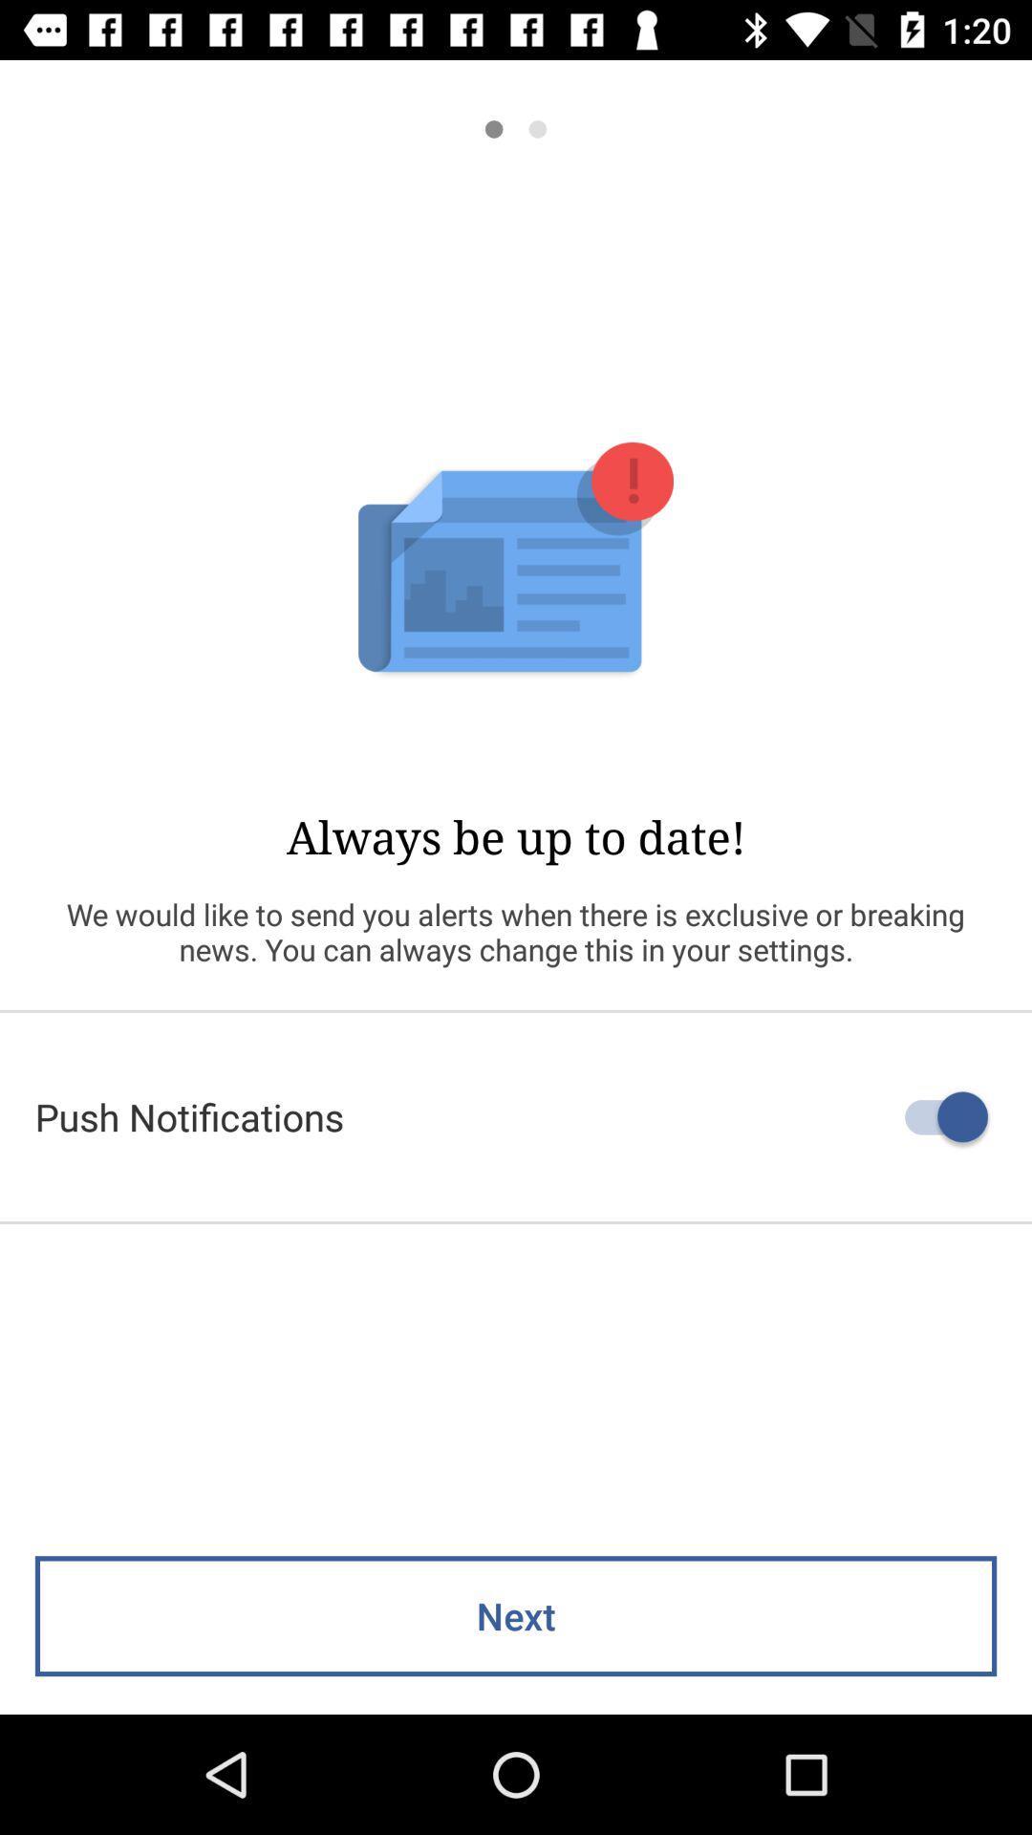 The image size is (1032, 1835). What do you see at coordinates (516, 1615) in the screenshot?
I see `next item` at bounding box center [516, 1615].